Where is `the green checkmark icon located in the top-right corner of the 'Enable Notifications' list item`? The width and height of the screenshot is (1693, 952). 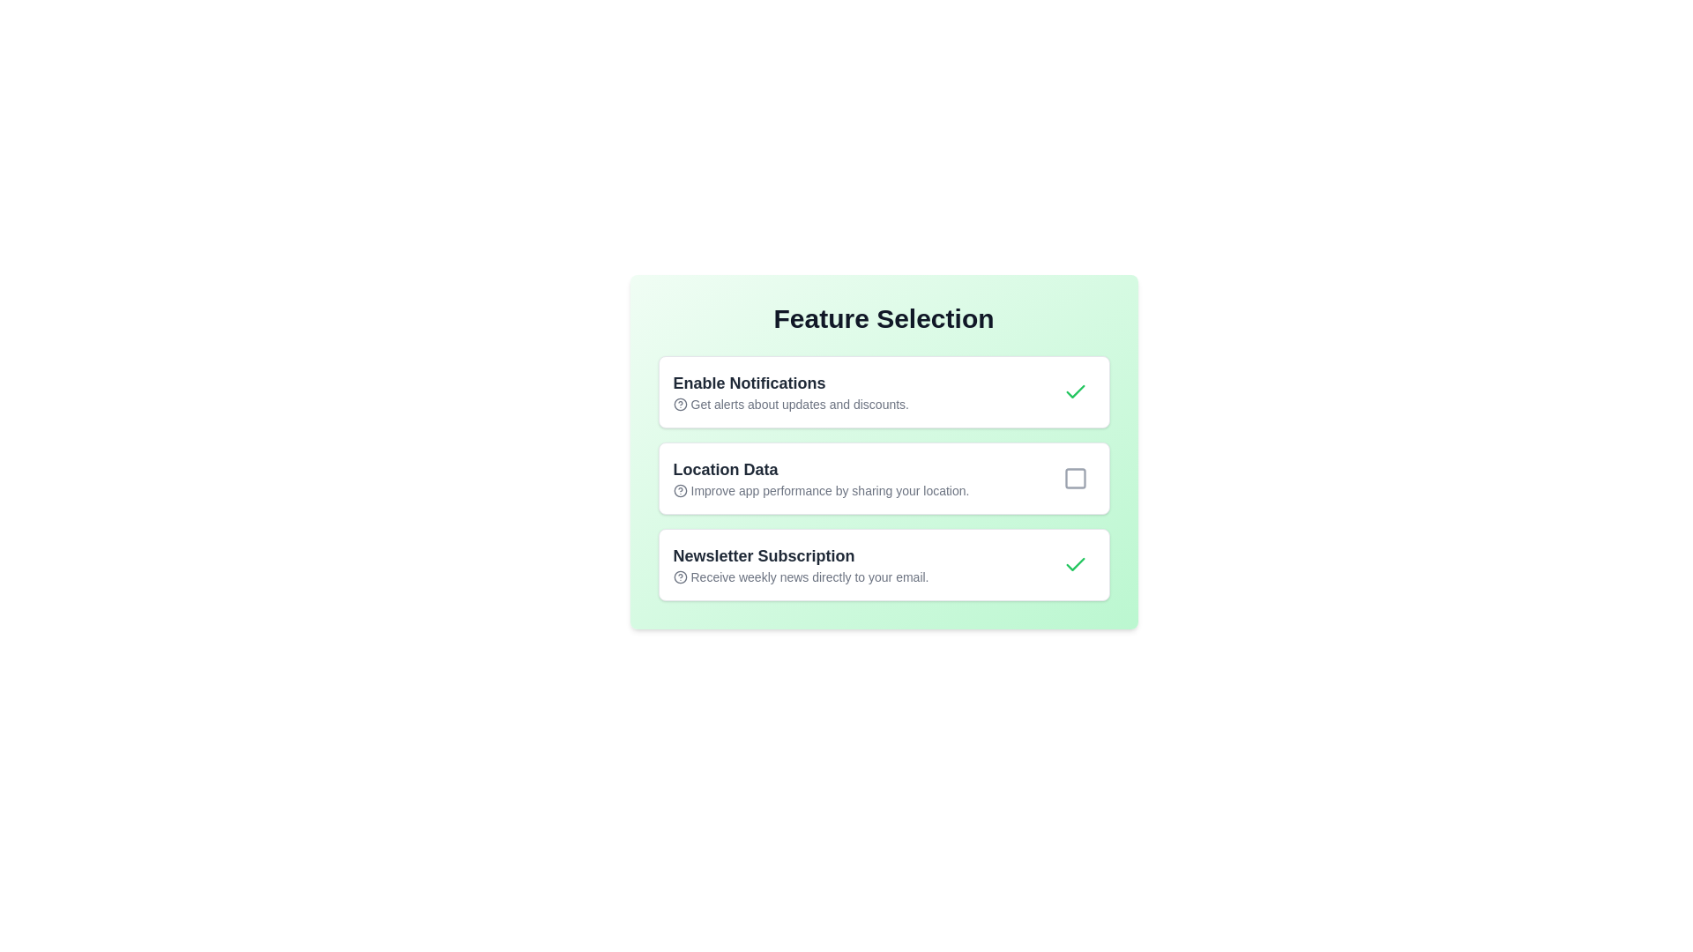 the green checkmark icon located in the top-right corner of the 'Enable Notifications' list item is located at coordinates (1074, 390).